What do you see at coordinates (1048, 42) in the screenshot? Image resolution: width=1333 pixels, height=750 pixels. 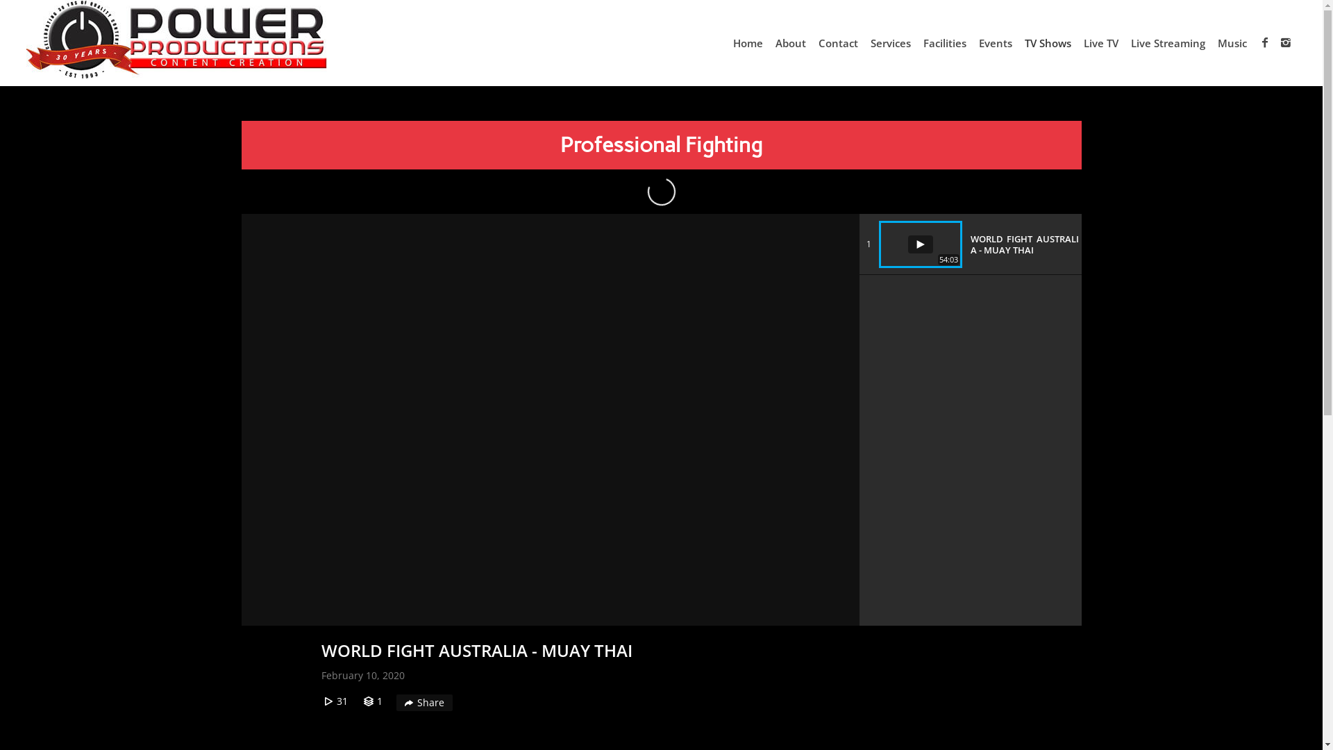 I see `'TV Shows'` at bounding box center [1048, 42].